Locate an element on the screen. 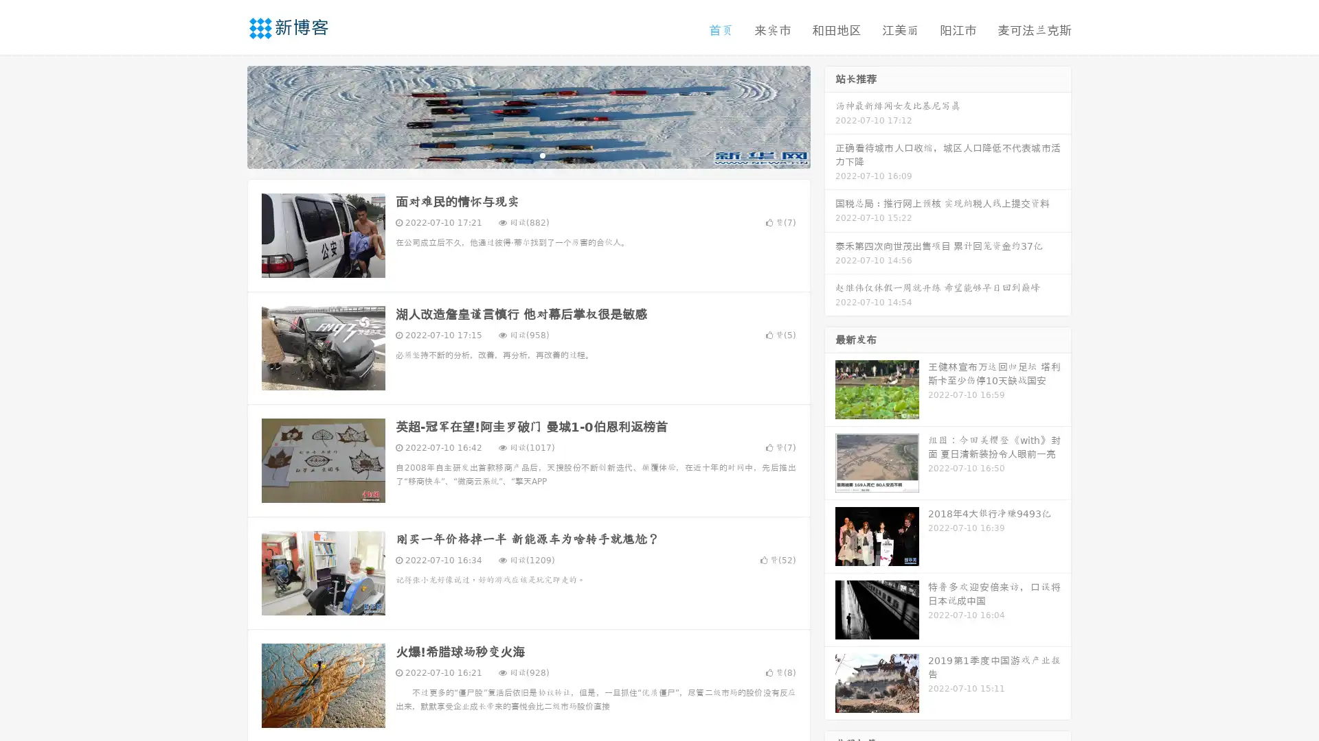 Image resolution: width=1319 pixels, height=741 pixels. Go to slide 3 is located at coordinates (542, 154).